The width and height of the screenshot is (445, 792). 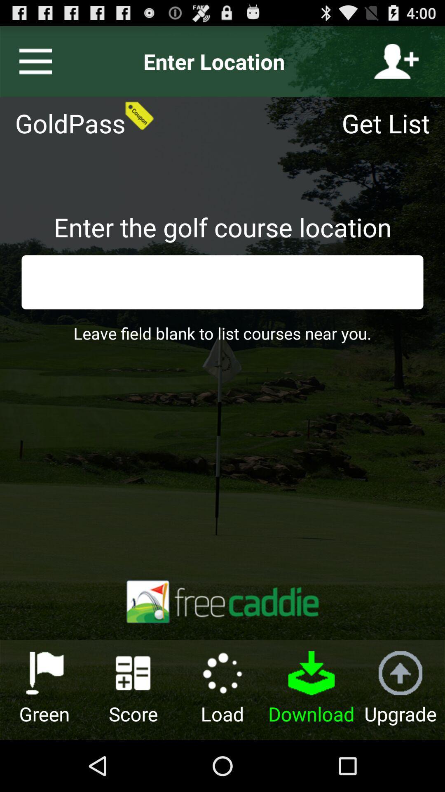 What do you see at coordinates (32, 61) in the screenshot?
I see `the icon next to the enter location icon` at bounding box center [32, 61].